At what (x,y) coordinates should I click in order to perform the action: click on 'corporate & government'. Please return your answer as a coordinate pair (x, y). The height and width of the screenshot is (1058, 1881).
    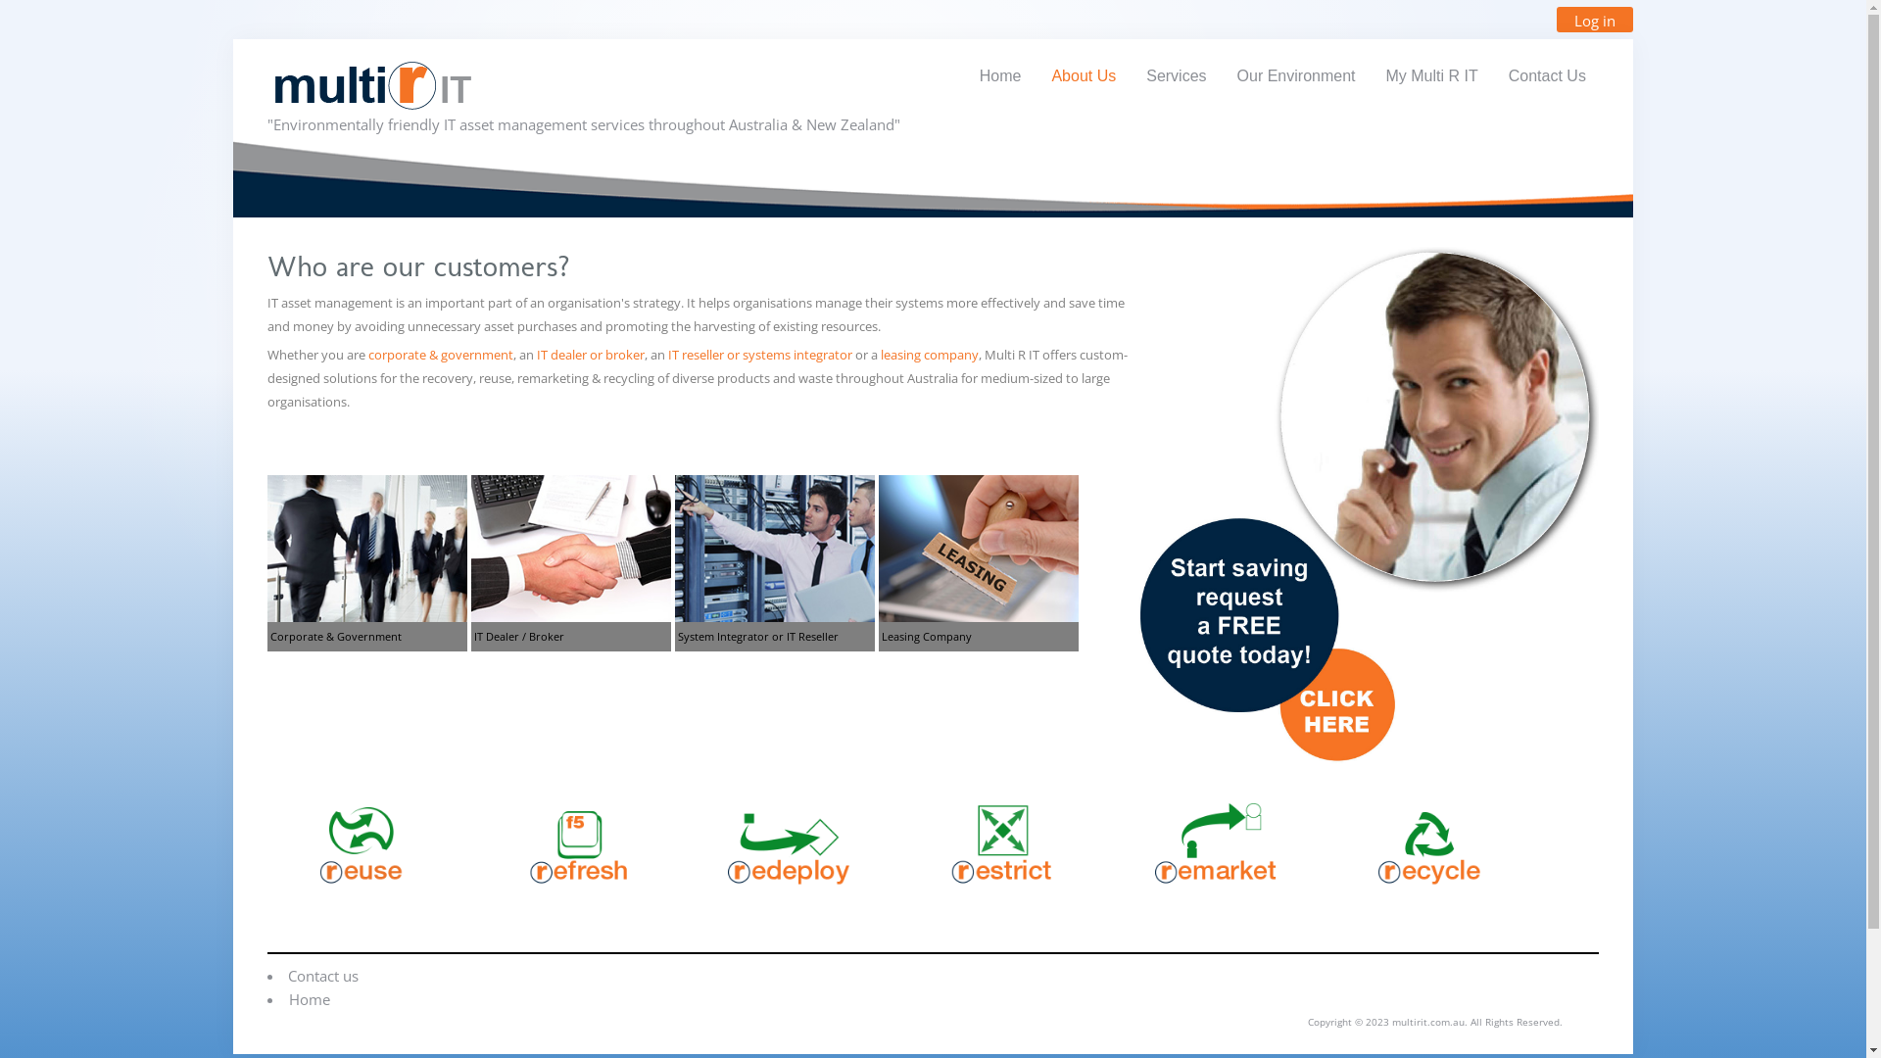
    Looking at the image, I should click on (367, 355).